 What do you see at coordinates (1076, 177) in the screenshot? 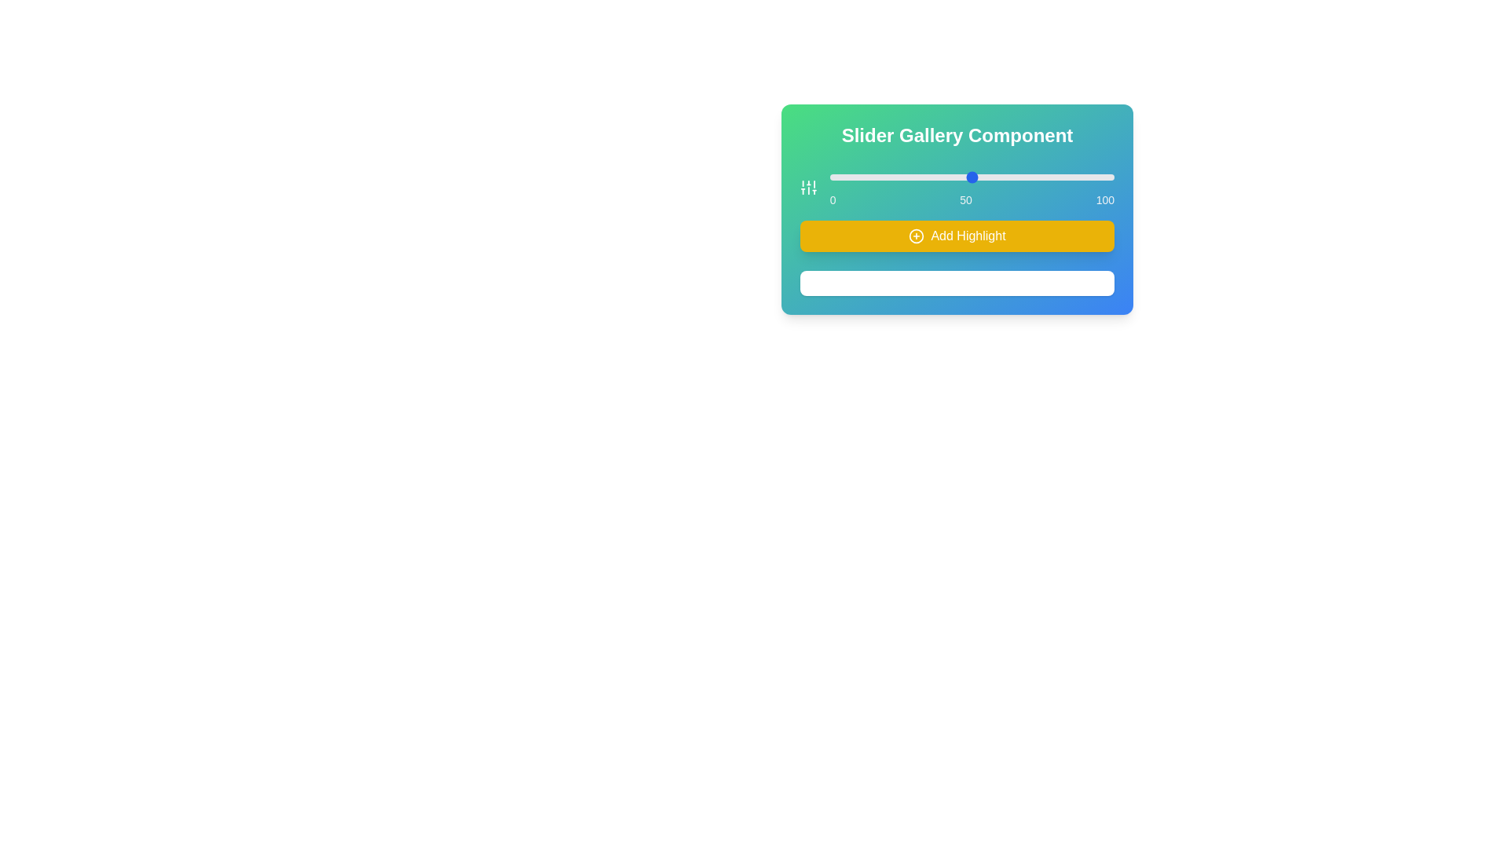
I see `the slider value` at bounding box center [1076, 177].